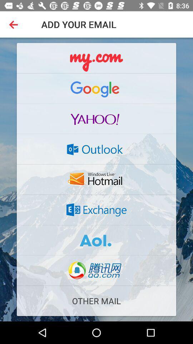 This screenshot has width=193, height=344. What do you see at coordinates (96, 210) in the screenshot?
I see `open exchange` at bounding box center [96, 210].